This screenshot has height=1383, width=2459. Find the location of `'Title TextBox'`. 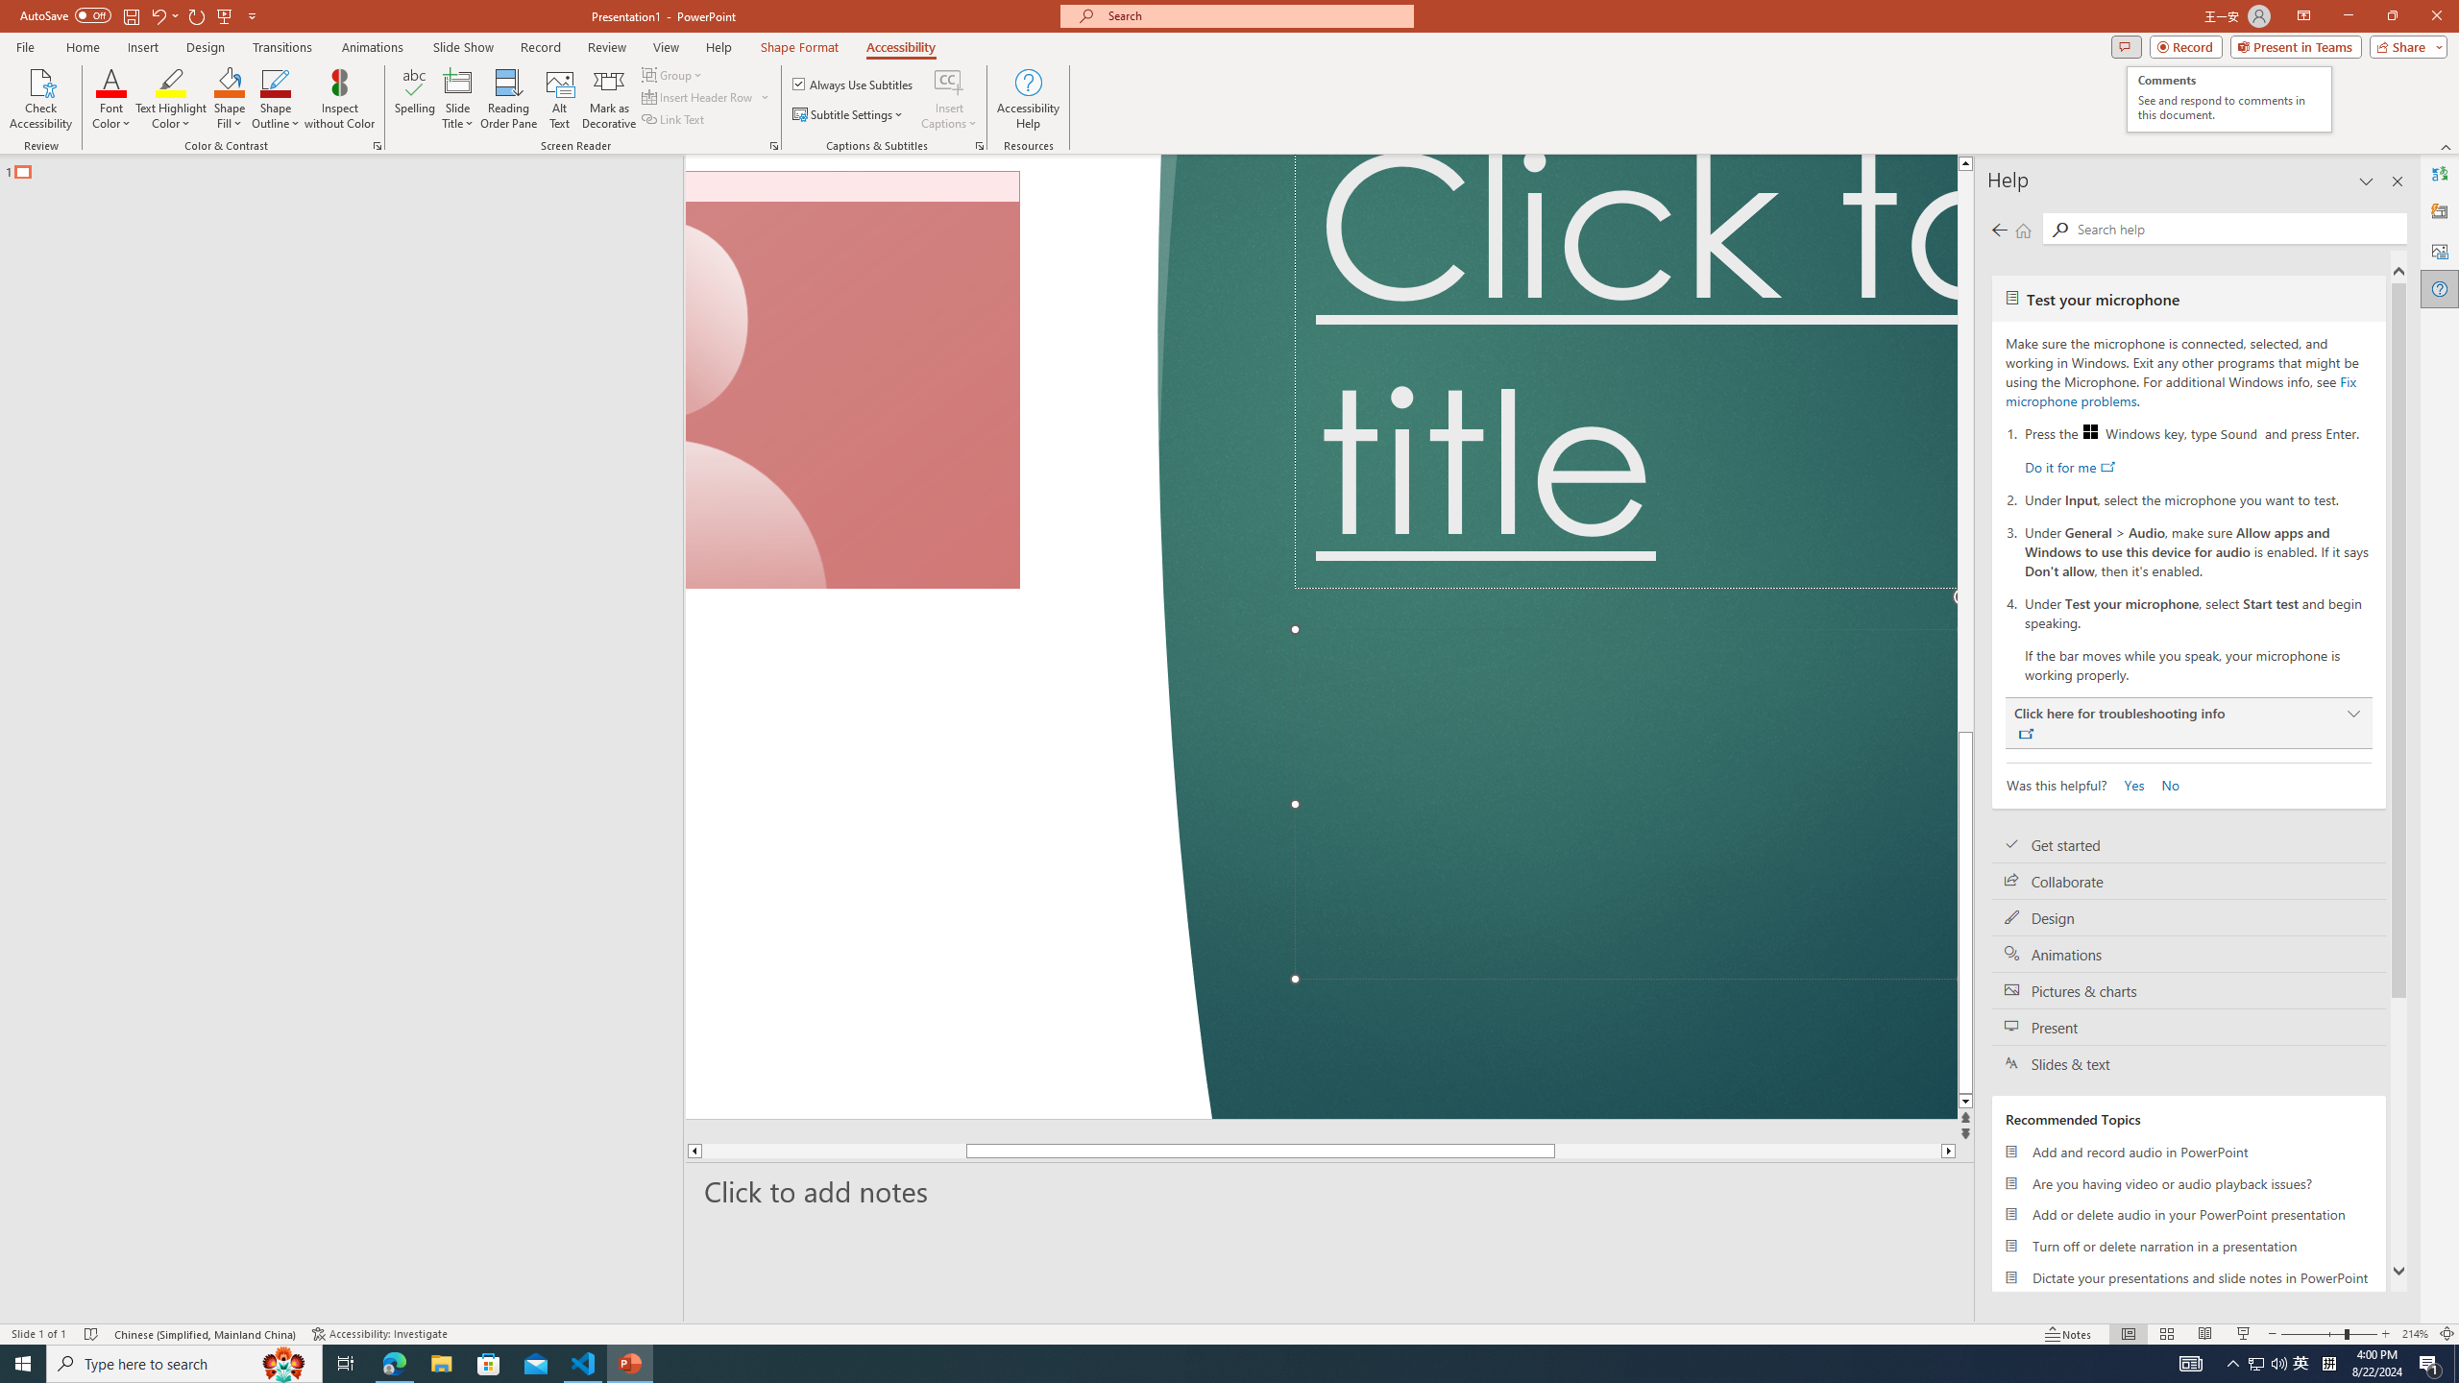

'Title TextBox' is located at coordinates (1625, 371).